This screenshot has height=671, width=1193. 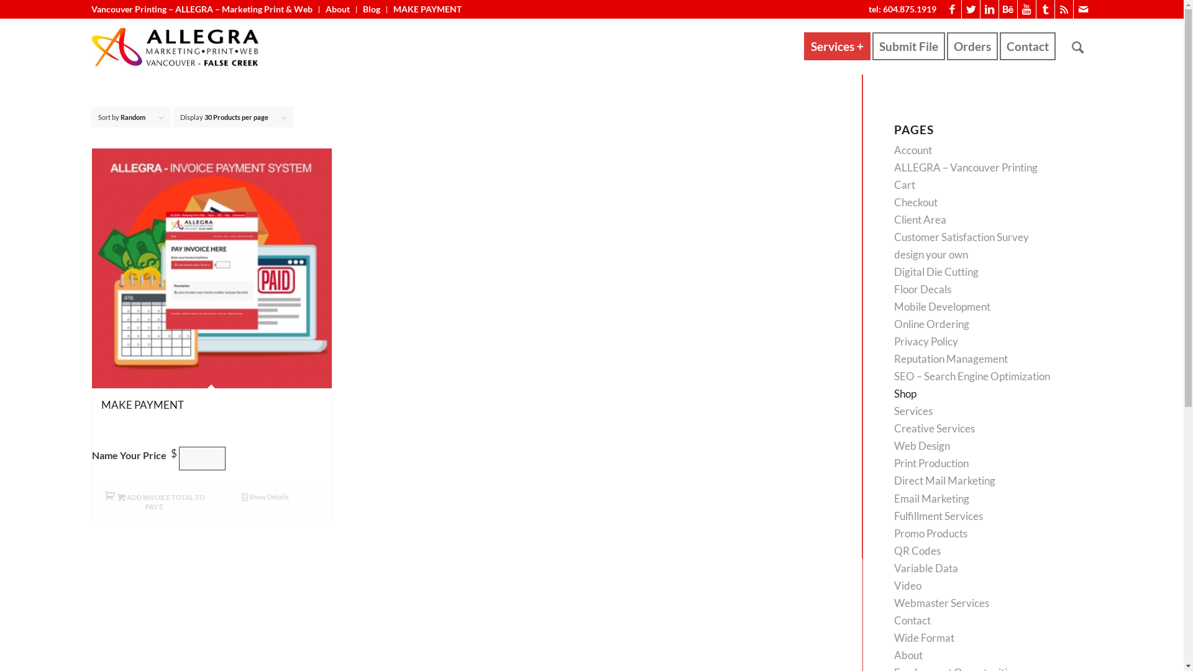 What do you see at coordinates (1063, 9) in the screenshot?
I see `'Rss'` at bounding box center [1063, 9].